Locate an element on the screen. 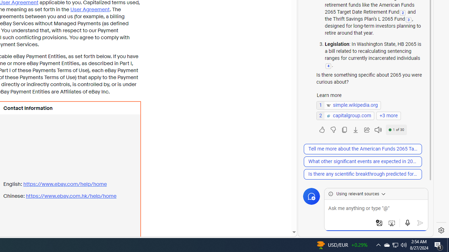  'User Agreement' is located at coordinates (89, 9).